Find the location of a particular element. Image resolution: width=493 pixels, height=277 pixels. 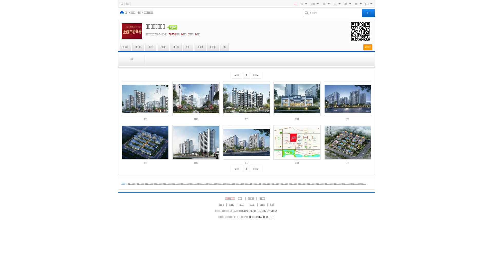

'1' is located at coordinates (246, 75).